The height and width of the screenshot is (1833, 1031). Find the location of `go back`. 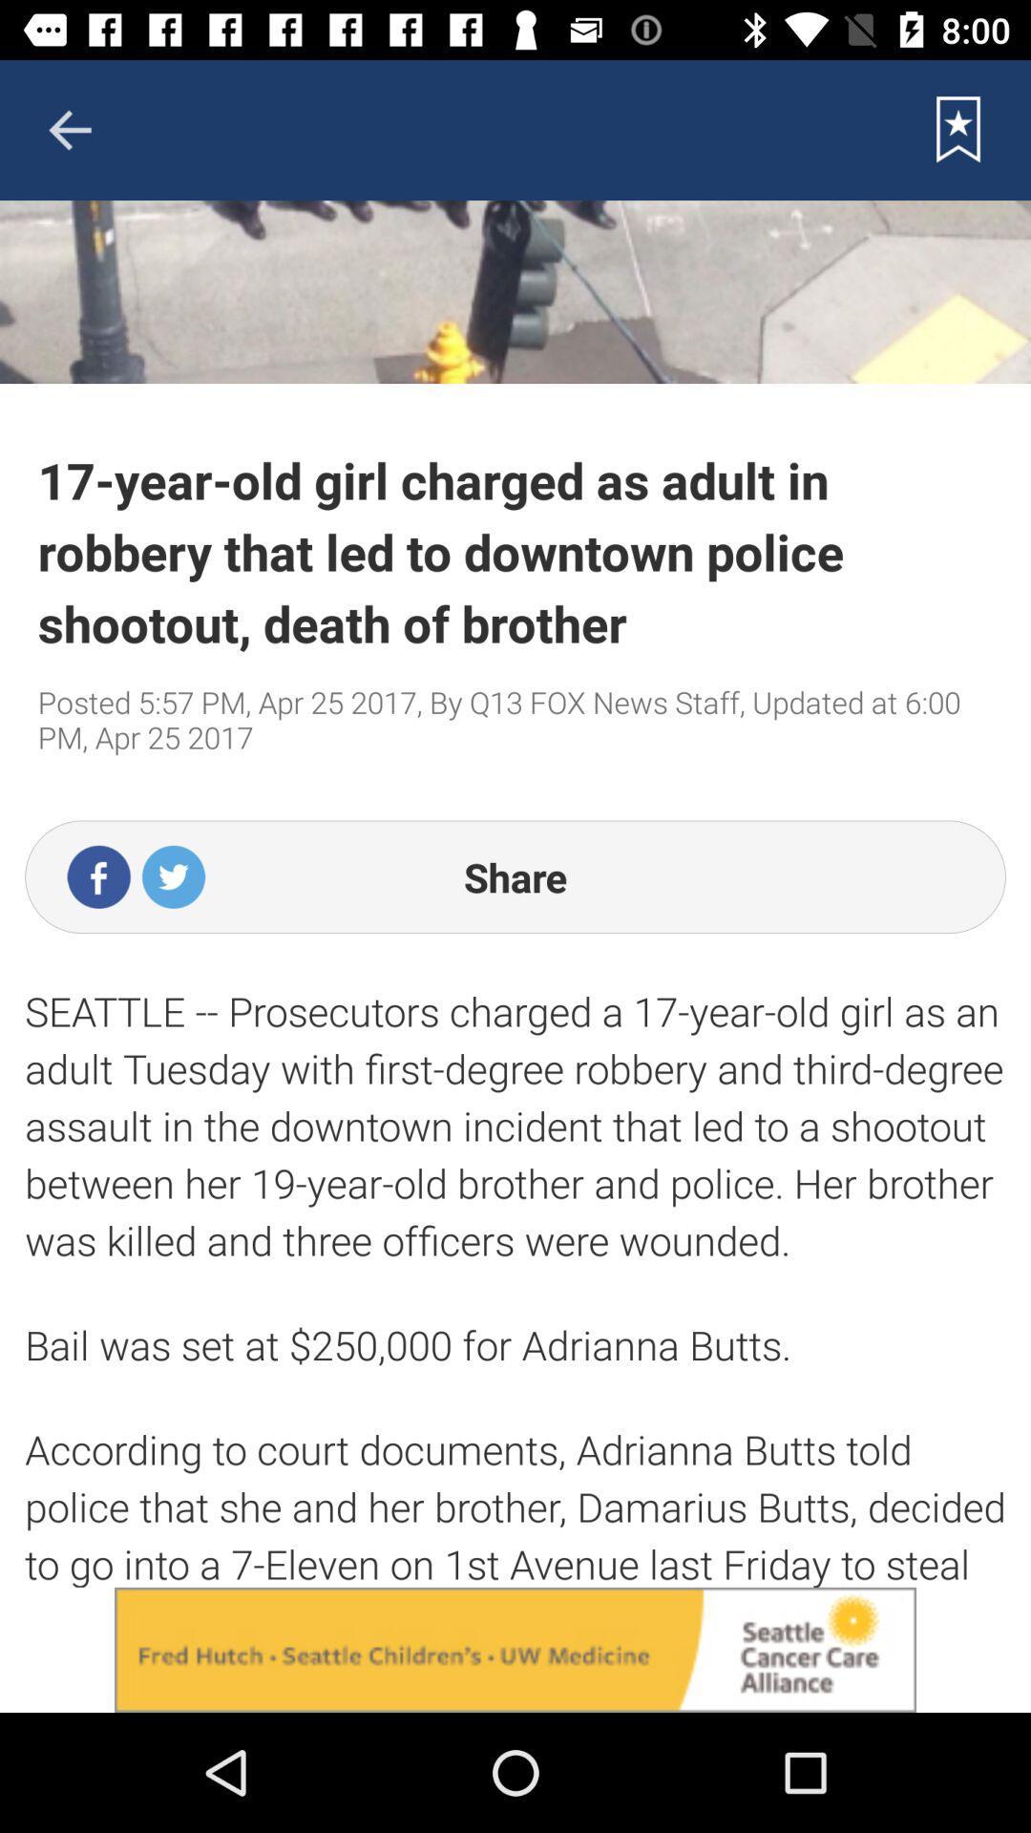

go back is located at coordinates (69, 129).